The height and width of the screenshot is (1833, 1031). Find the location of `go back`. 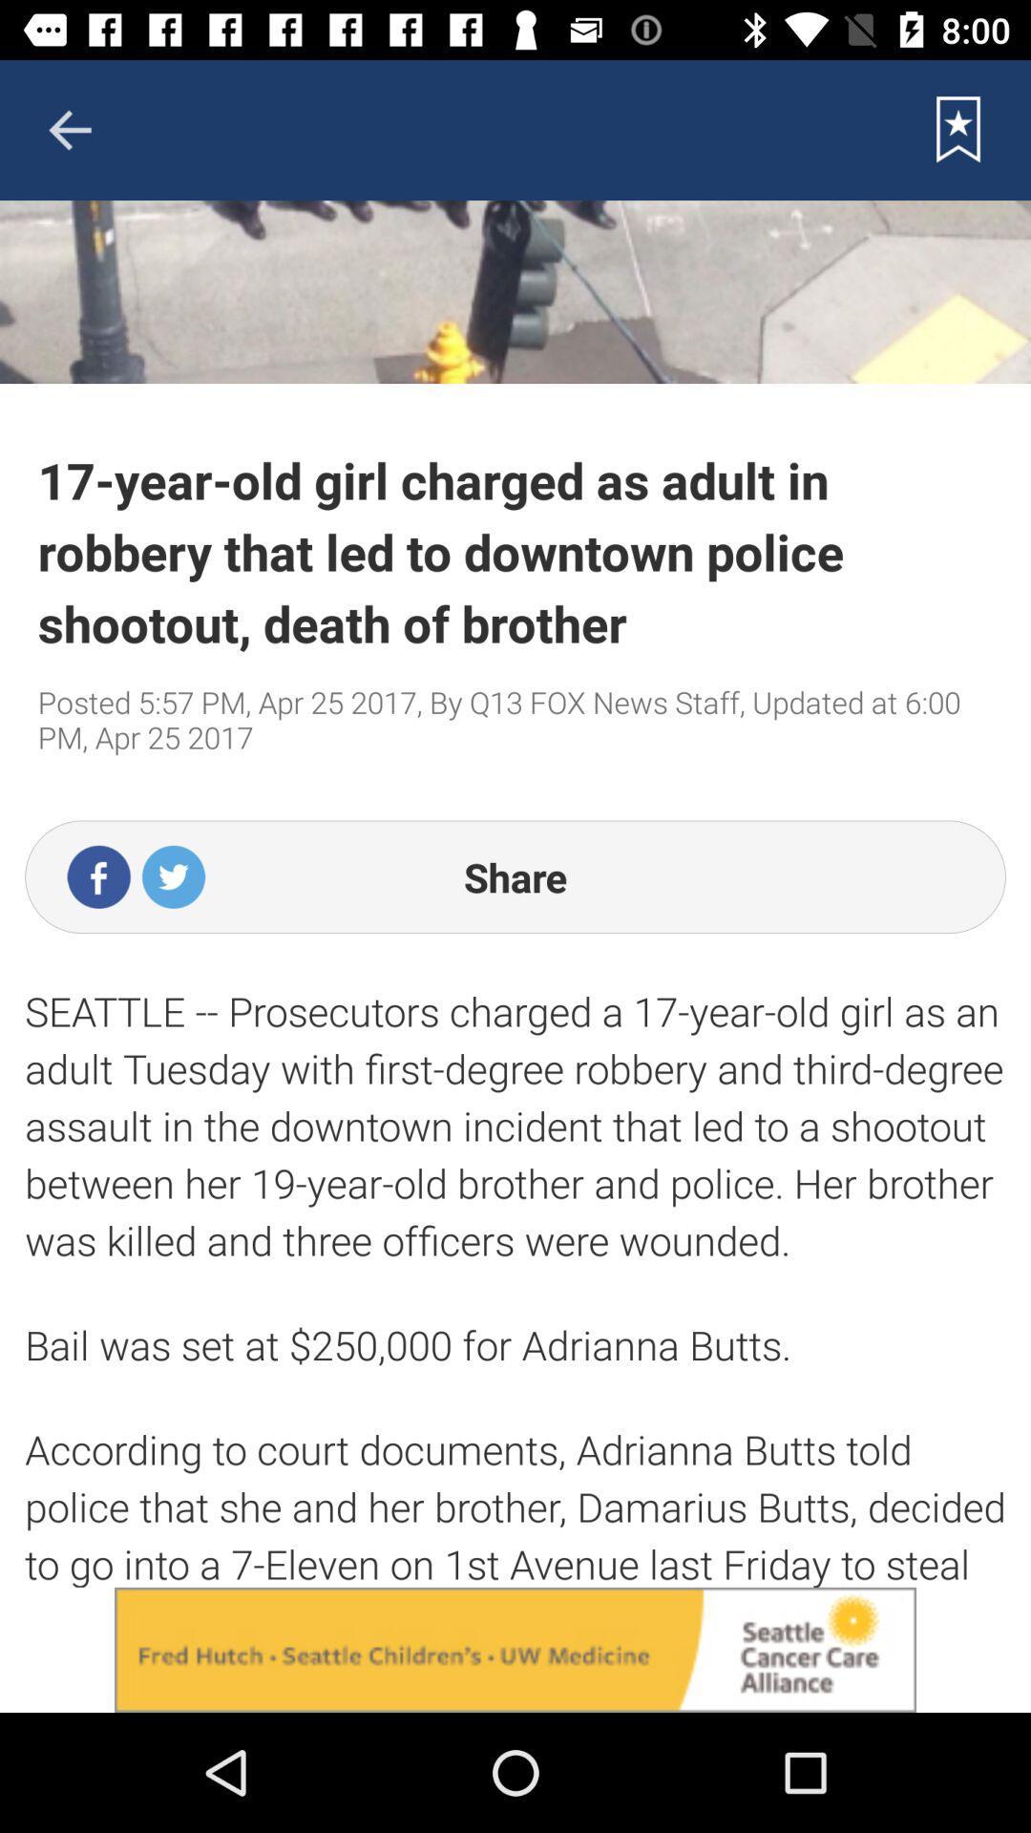

go back is located at coordinates (69, 129).